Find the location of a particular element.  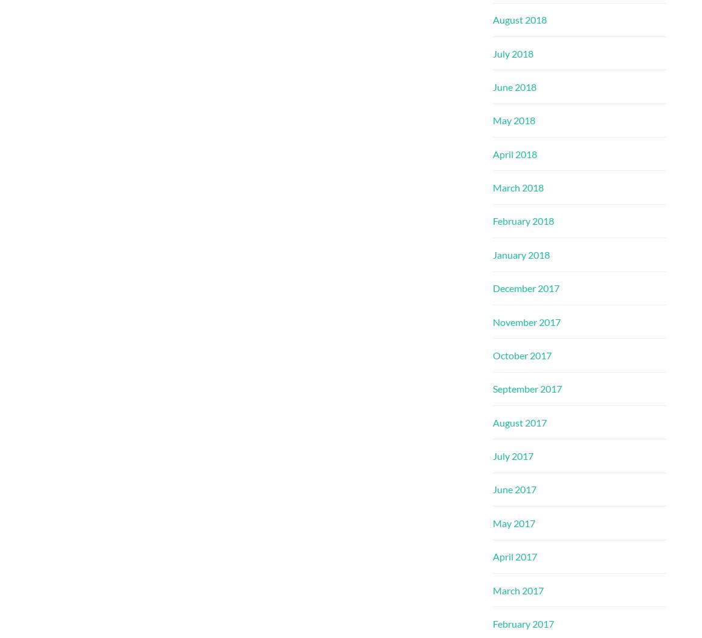

'May 2017' is located at coordinates (513, 522).